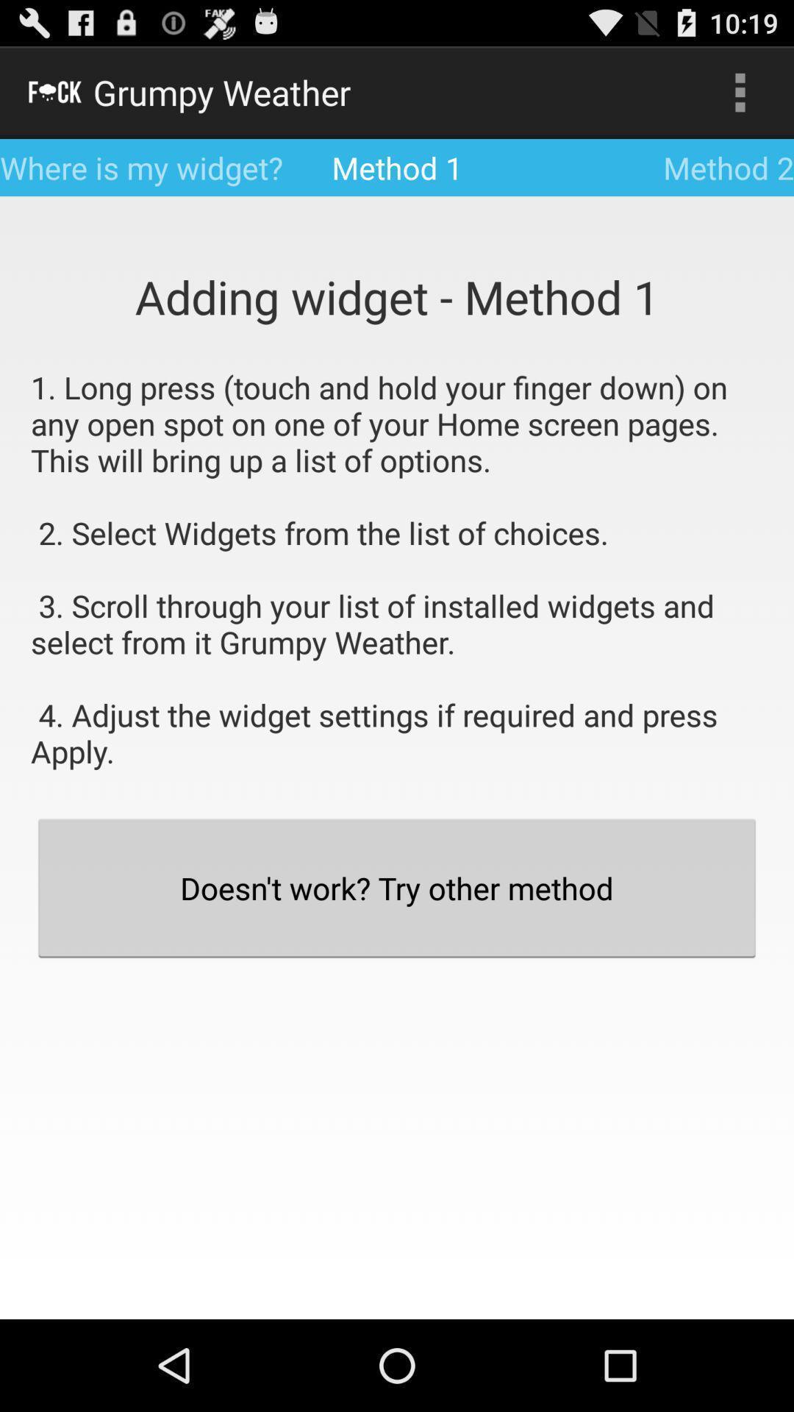  I want to click on doesn t work icon, so click(397, 887).